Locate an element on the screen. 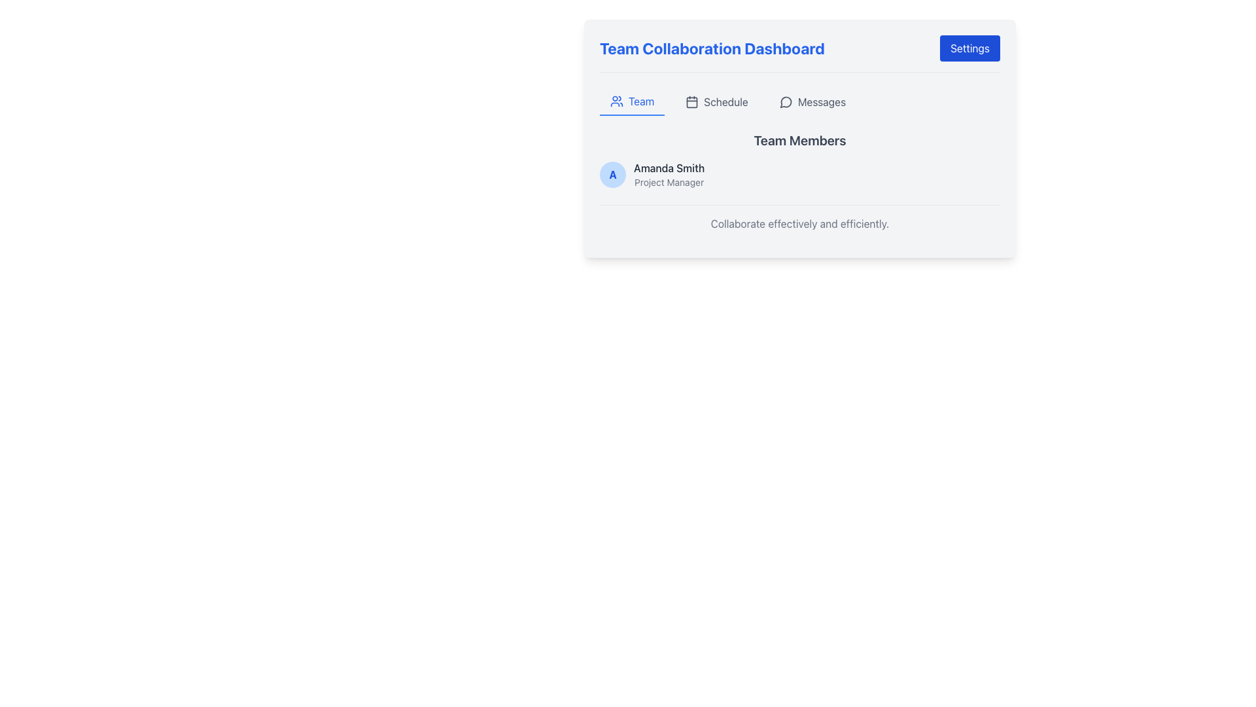 This screenshot has height=707, width=1256. the text label displaying 'Project Manager', which is styled in a smaller-sized, gray-colored font and positioned below 'Amanda Smith' is located at coordinates (669, 182).